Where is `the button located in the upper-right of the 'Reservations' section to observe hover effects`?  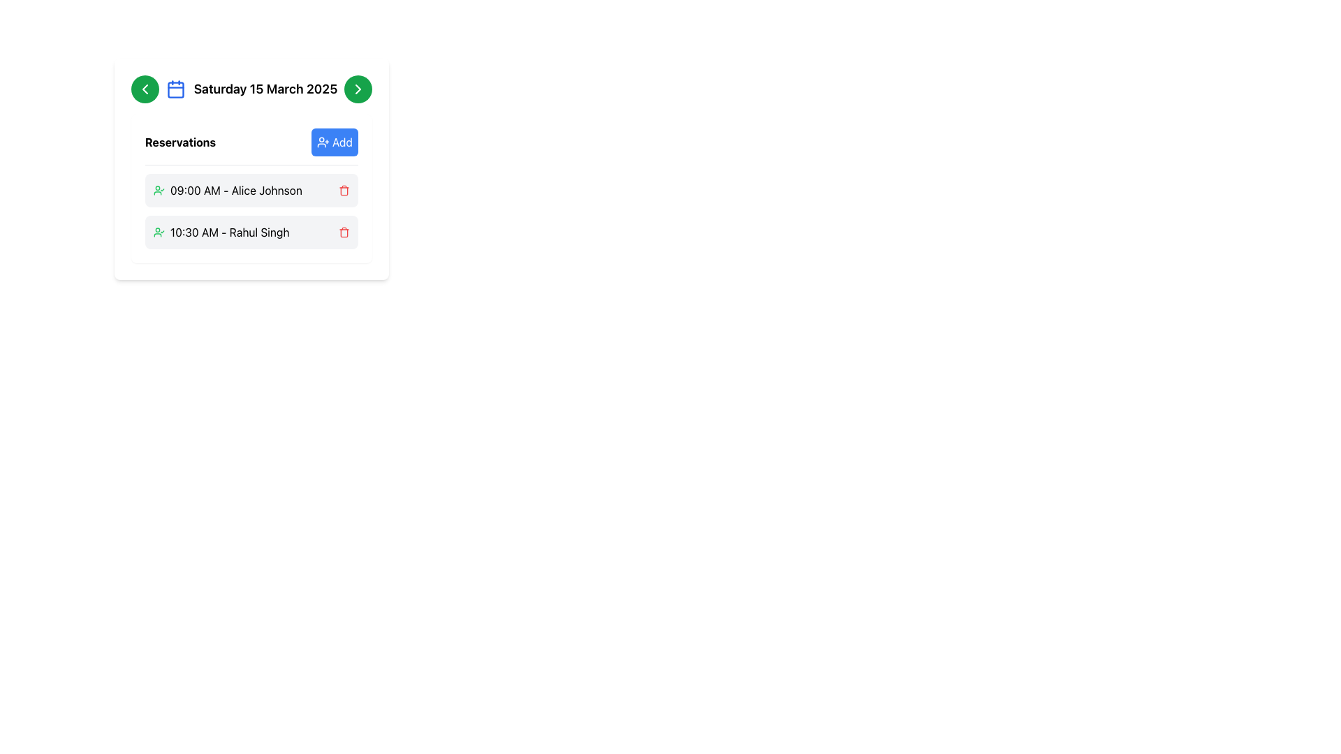 the button located in the upper-right of the 'Reservations' section to observe hover effects is located at coordinates (334, 142).